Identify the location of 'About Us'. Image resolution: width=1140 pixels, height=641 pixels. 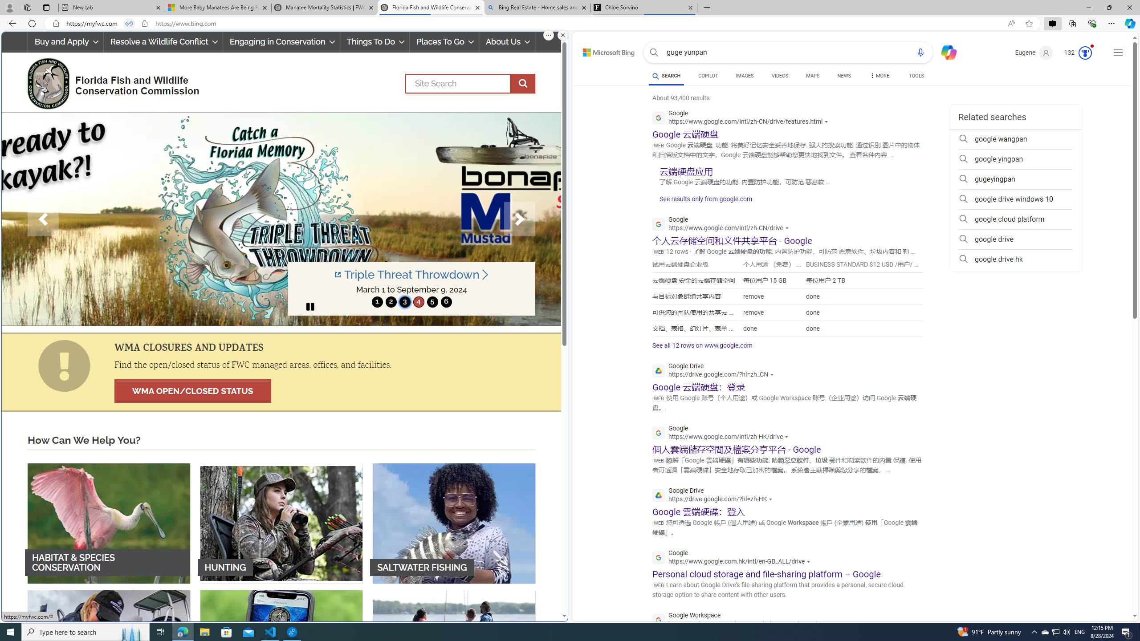
(507, 41).